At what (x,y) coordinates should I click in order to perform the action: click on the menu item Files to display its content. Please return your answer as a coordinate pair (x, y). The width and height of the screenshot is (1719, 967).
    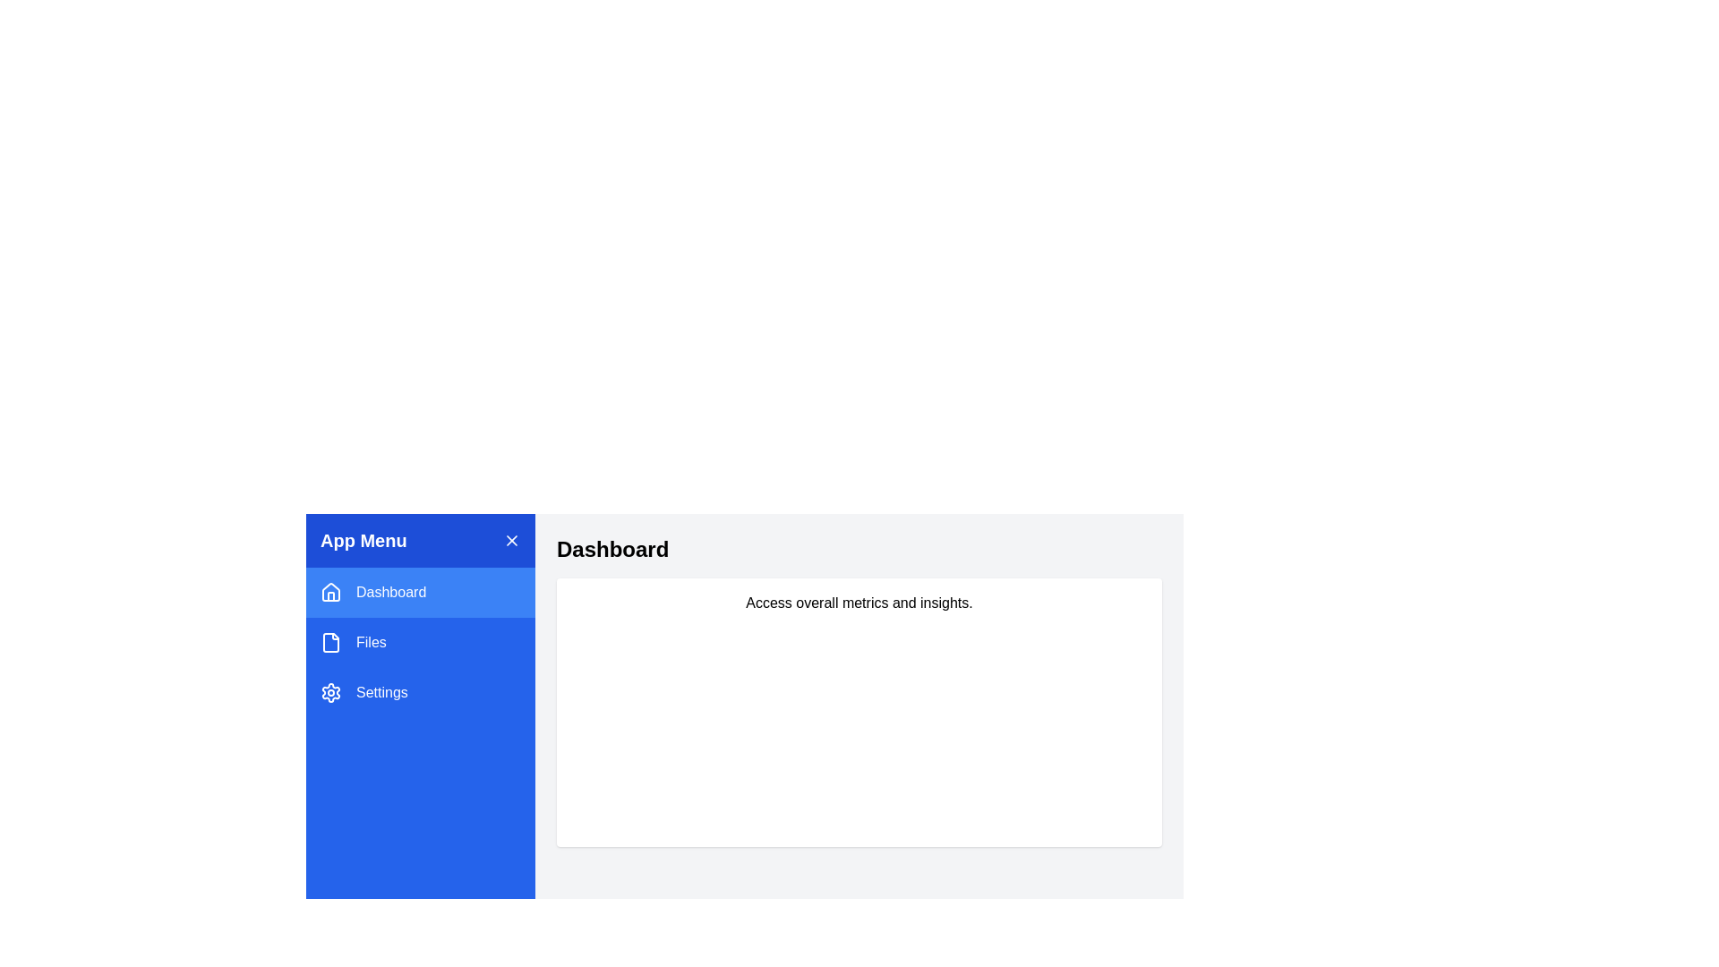
    Looking at the image, I should click on (420, 641).